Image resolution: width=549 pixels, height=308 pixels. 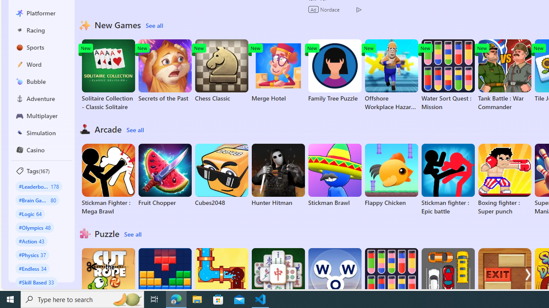 I want to click on 'Boxing fighter : Super punch', so click(x=504, y=179).